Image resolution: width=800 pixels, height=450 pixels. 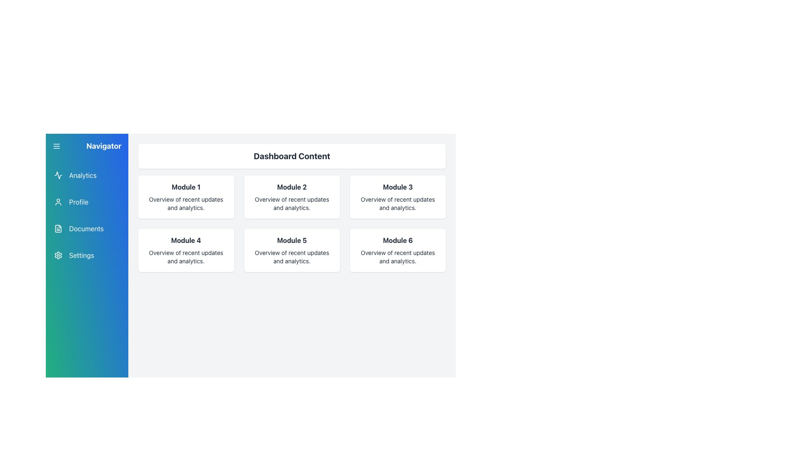 I want to click on the static text element labeled 'Module 6', which is styled in bold and located in the bottom-right position of a grid layout, above the subtitle 'Overview of recent updates and analytics', so click(x=397, y=240).